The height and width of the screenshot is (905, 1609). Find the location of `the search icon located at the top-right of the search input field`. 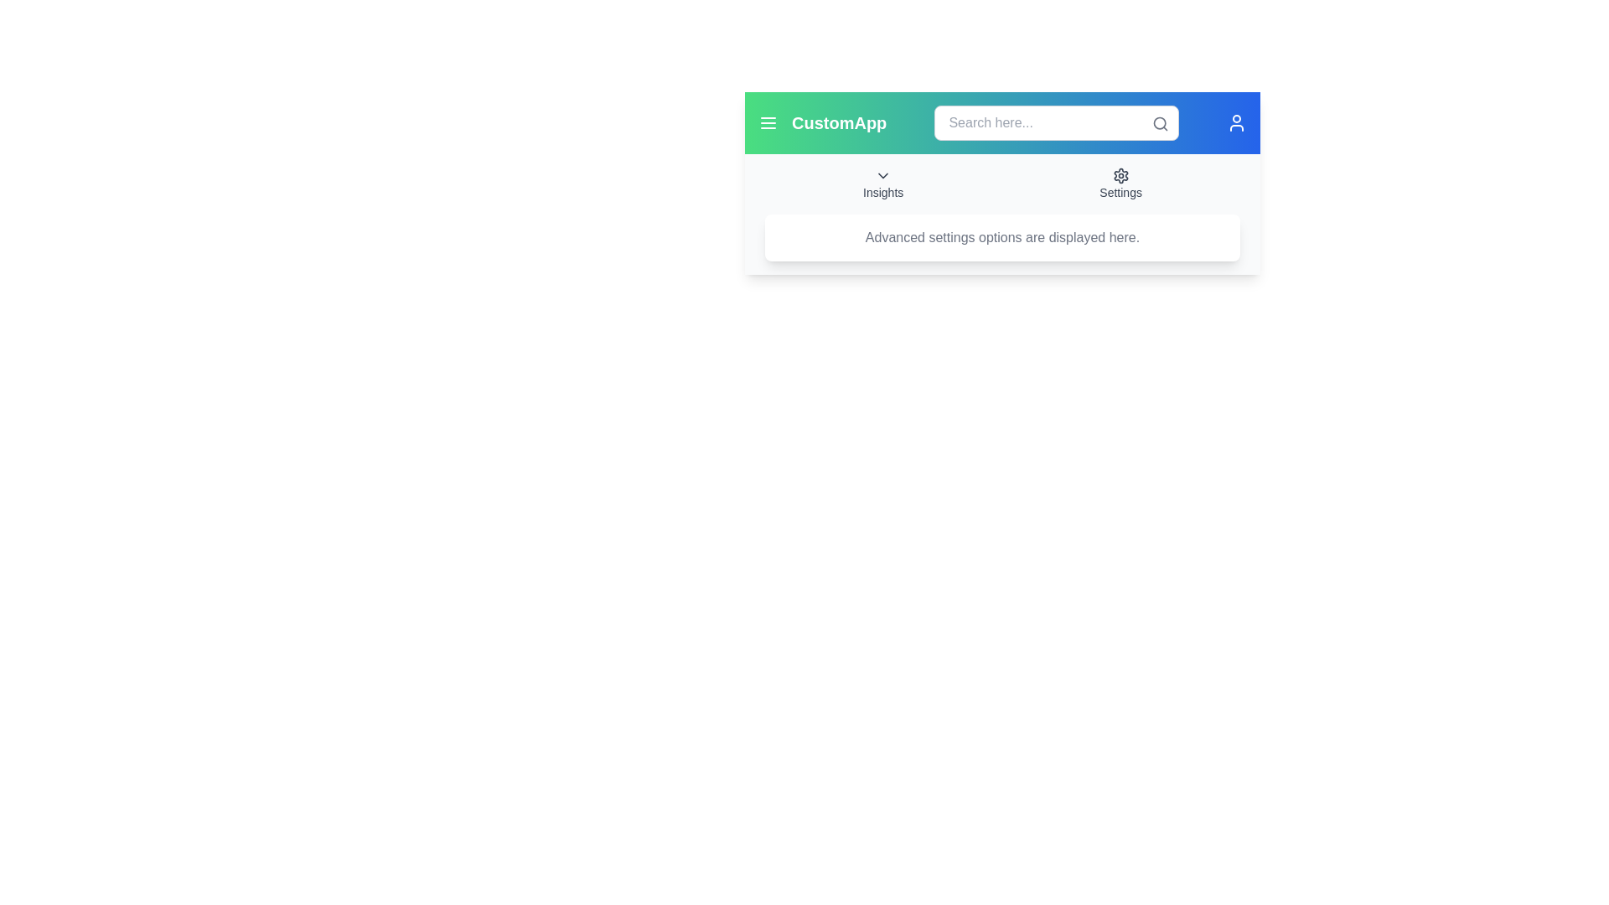

the search icon located at the top-right of the search input field is located at coordinates (1159, 122).